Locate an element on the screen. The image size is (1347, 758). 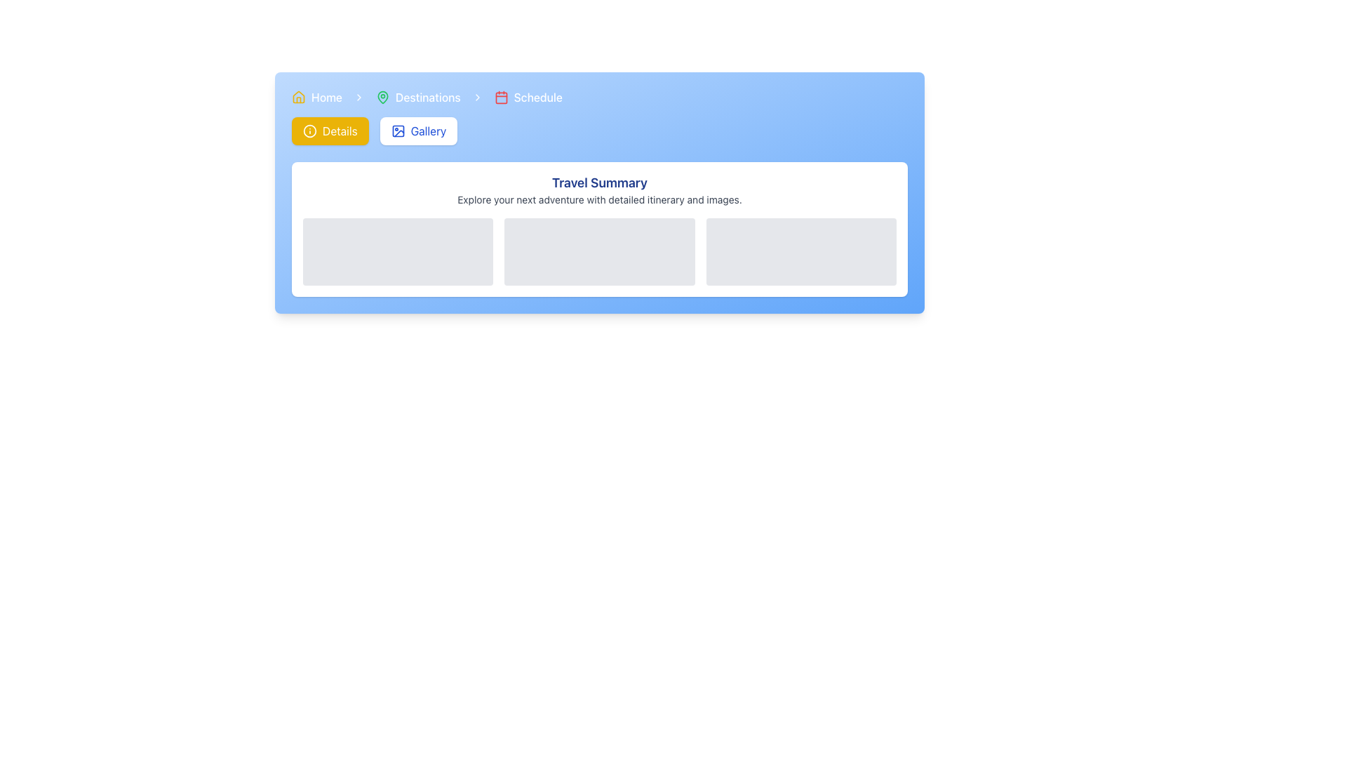
the light gray placeholder component with rounded corners, which is the third item in a row of three components within the 'Travel Summary' grid is located at coordinates (801, 251).